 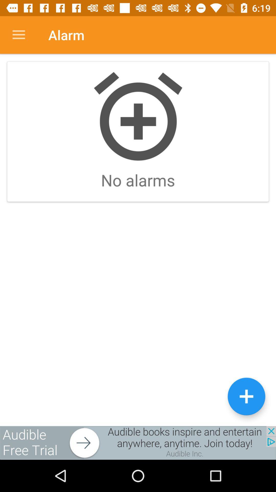 What do you see at coordinates (138, 443) in the screenshot?
I see `open advertisement` at bounding box center [138, 443].